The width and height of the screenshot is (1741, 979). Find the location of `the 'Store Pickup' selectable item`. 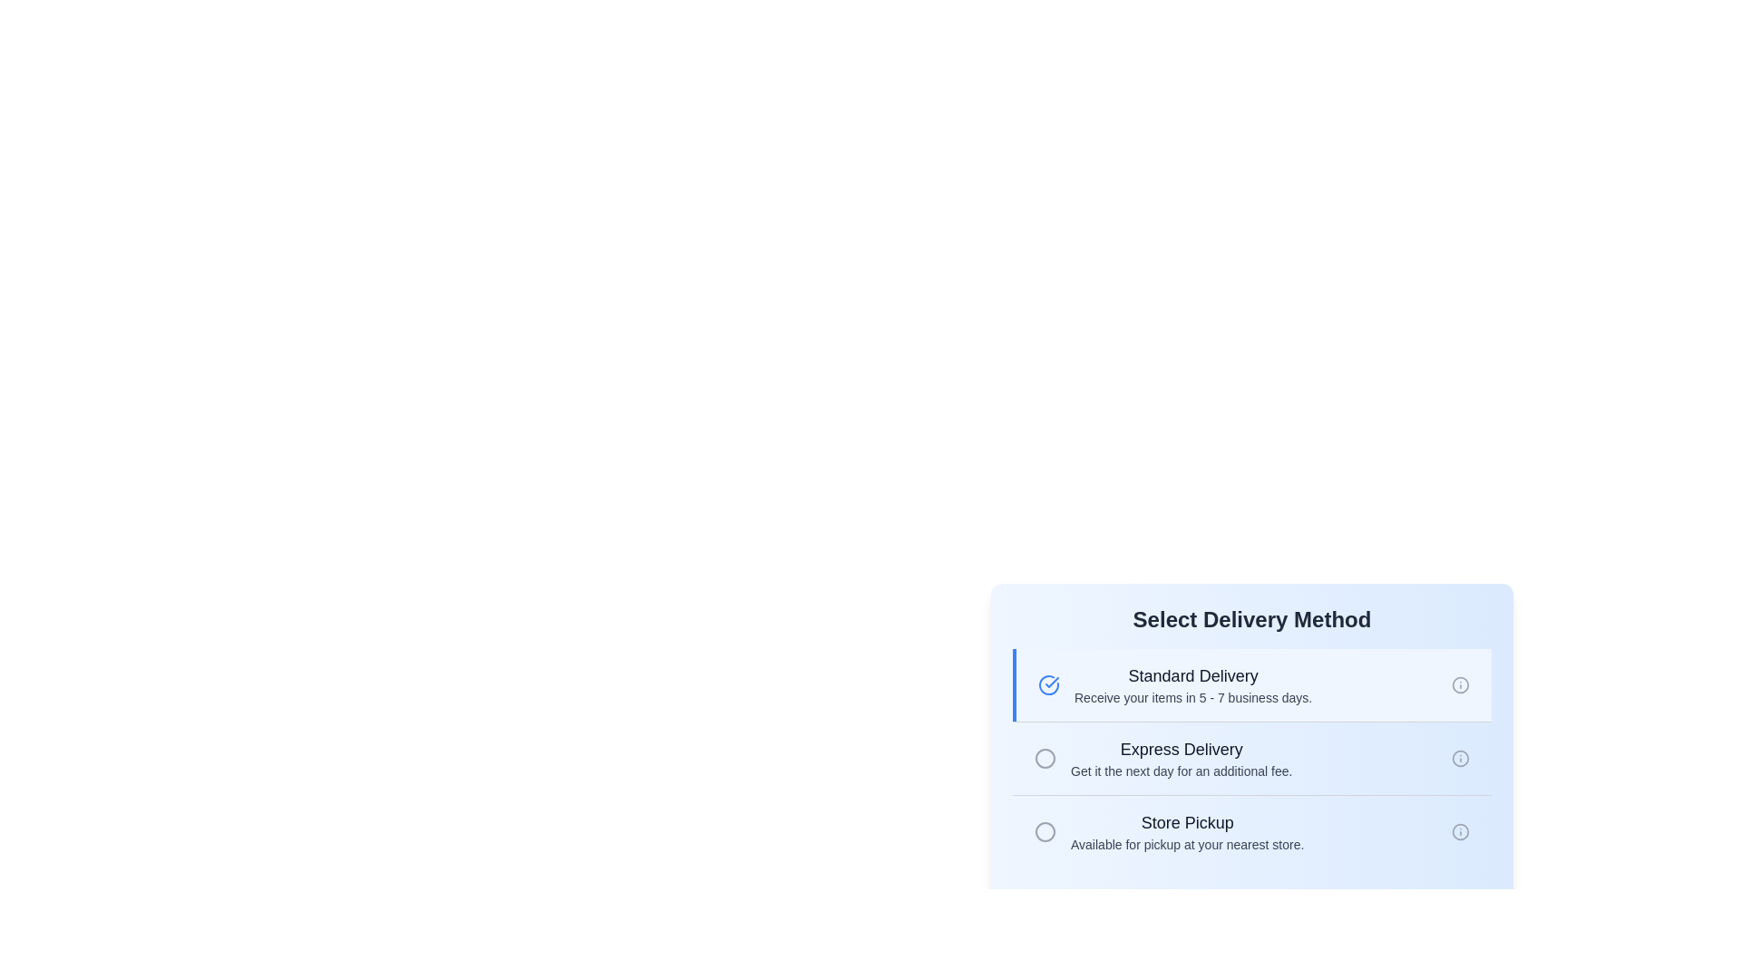

the 'Store Pickup' selectable item is located at coordinates (1169, 832).